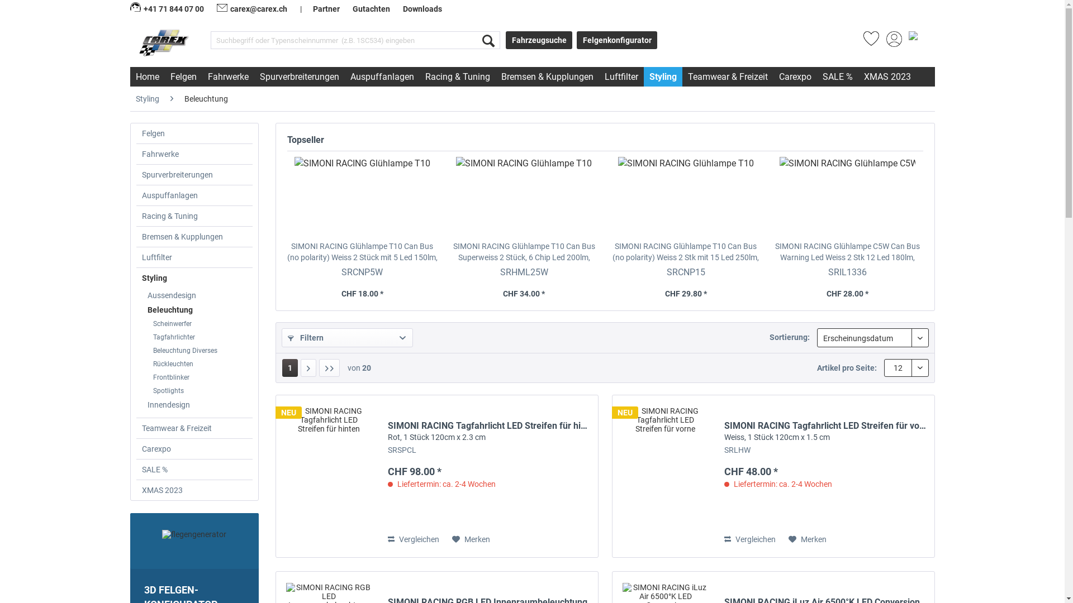 This screenshot has height=603, width=1073. I want to click on 'Frontblinker', so click(200, 377).